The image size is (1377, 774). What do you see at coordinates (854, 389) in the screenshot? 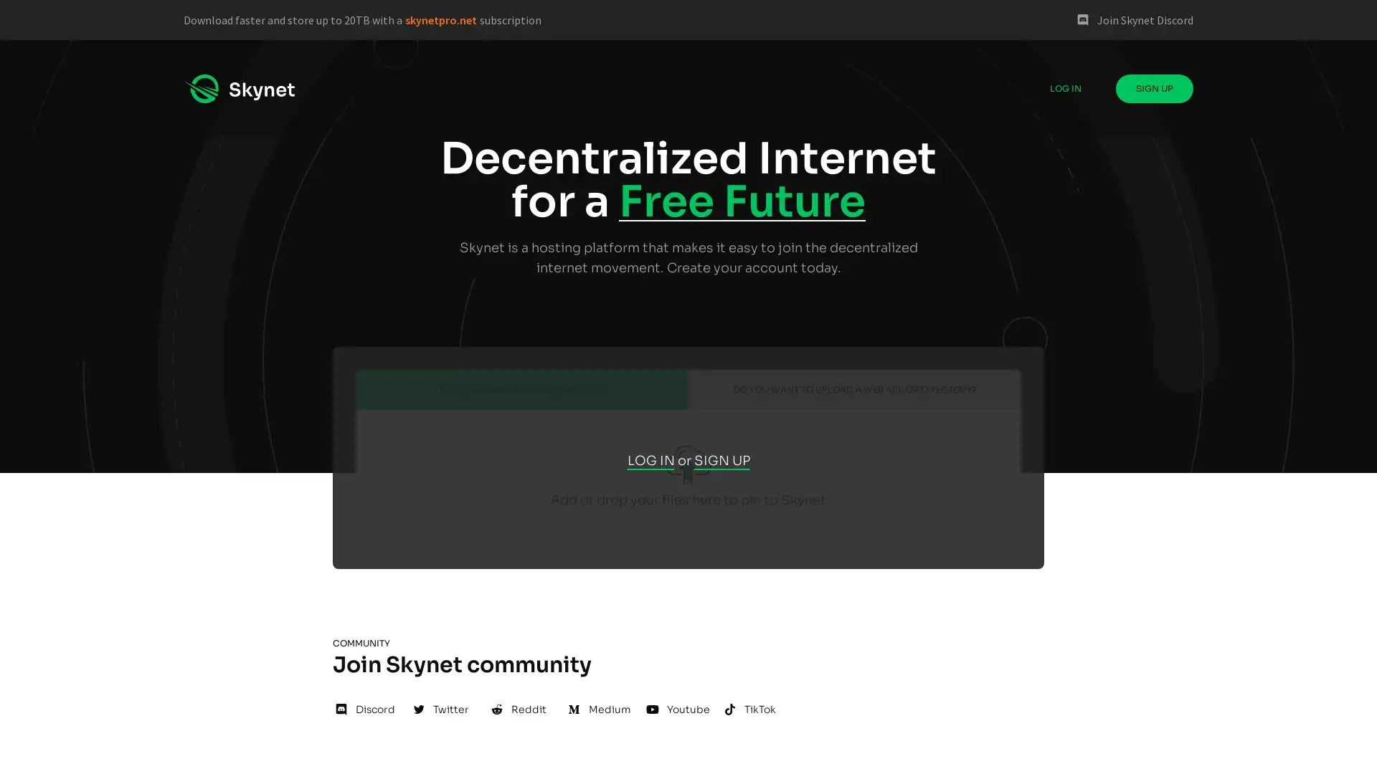
I see `DO YOU WANT TO UPLOAD A WEB APP OR DIRECTORY?` at bounding box center [854, 389].